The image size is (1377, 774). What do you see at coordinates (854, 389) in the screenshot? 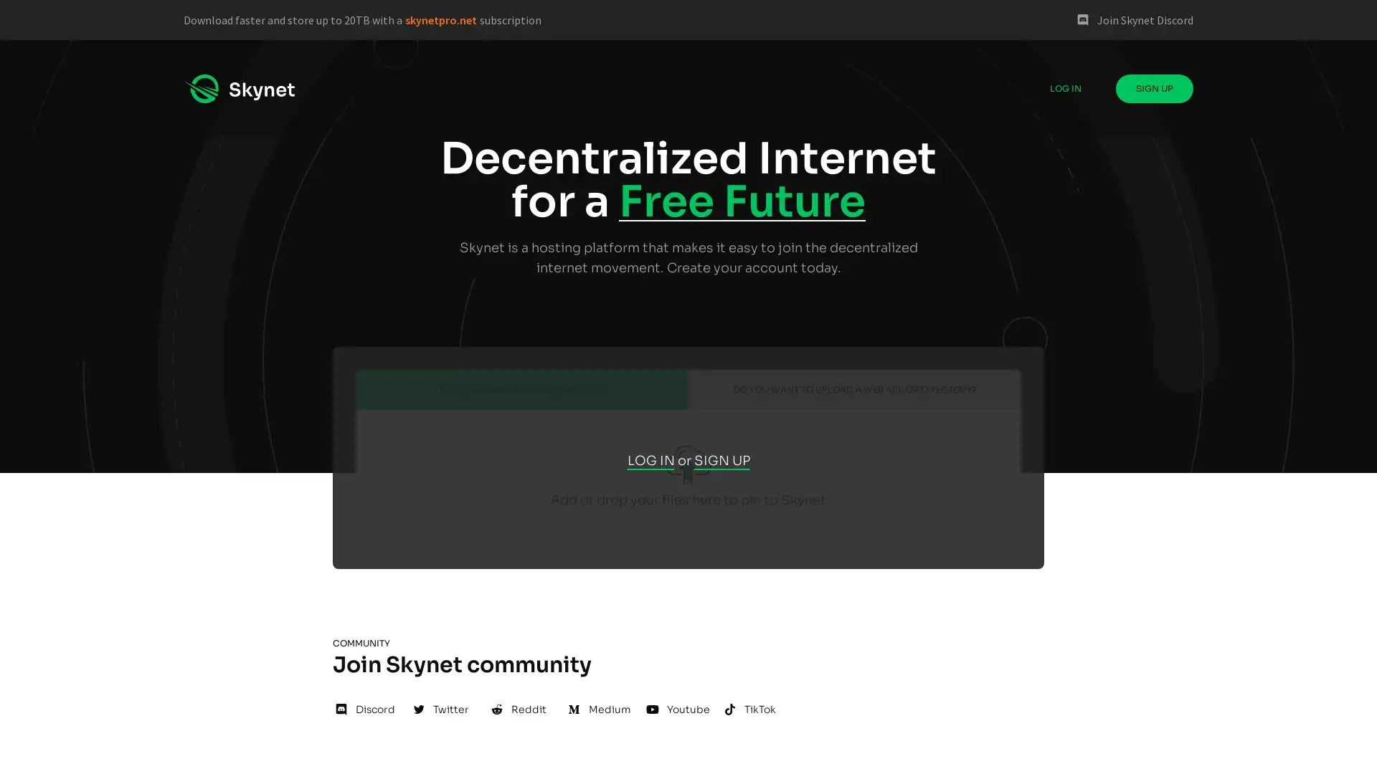
I see `DO YOU WANT TO UPLOAD A WEB APP OR DIRECTORY?` at bounding box center [854, 389].